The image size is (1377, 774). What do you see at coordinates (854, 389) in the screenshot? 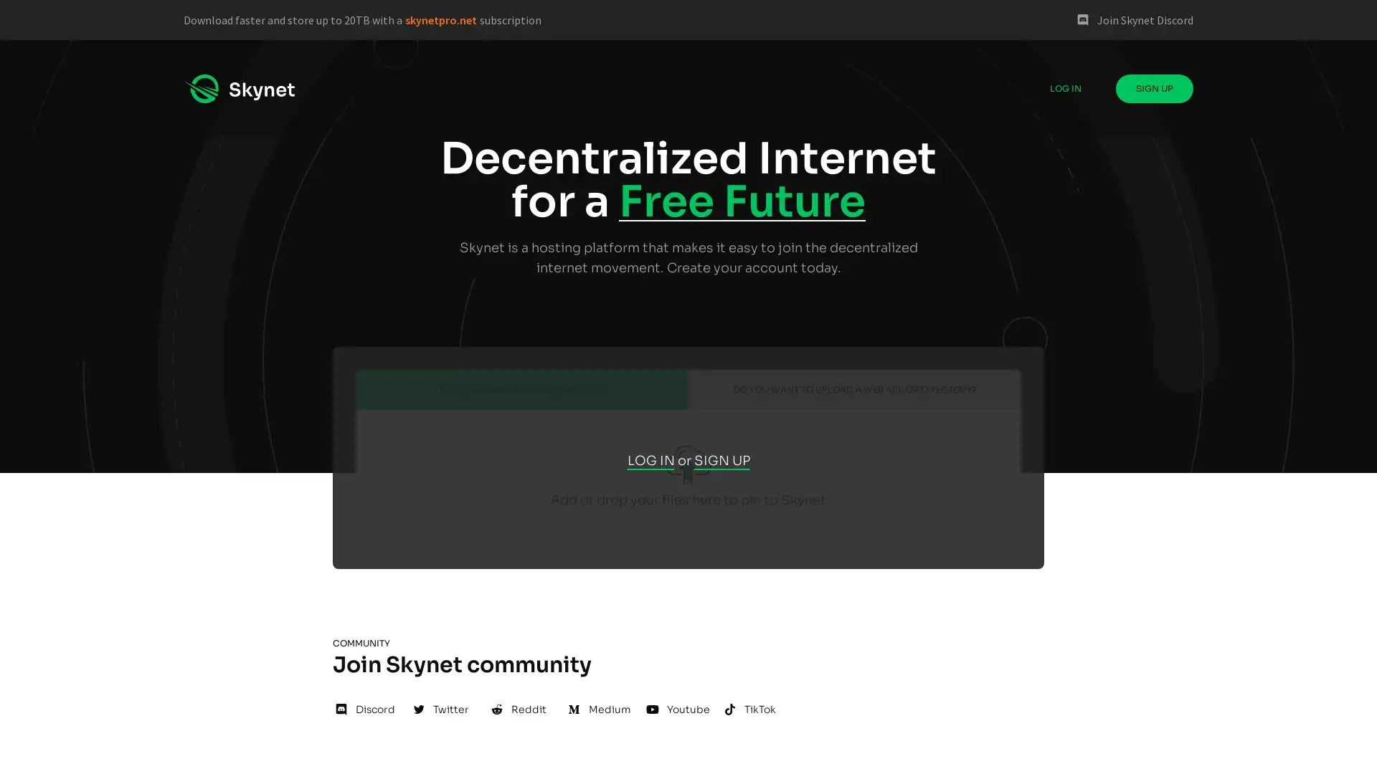
I see `DO YOU WANT TO UPLOAD A WEB APP OR DIRECTORY?` at bounding box center [854, 389].